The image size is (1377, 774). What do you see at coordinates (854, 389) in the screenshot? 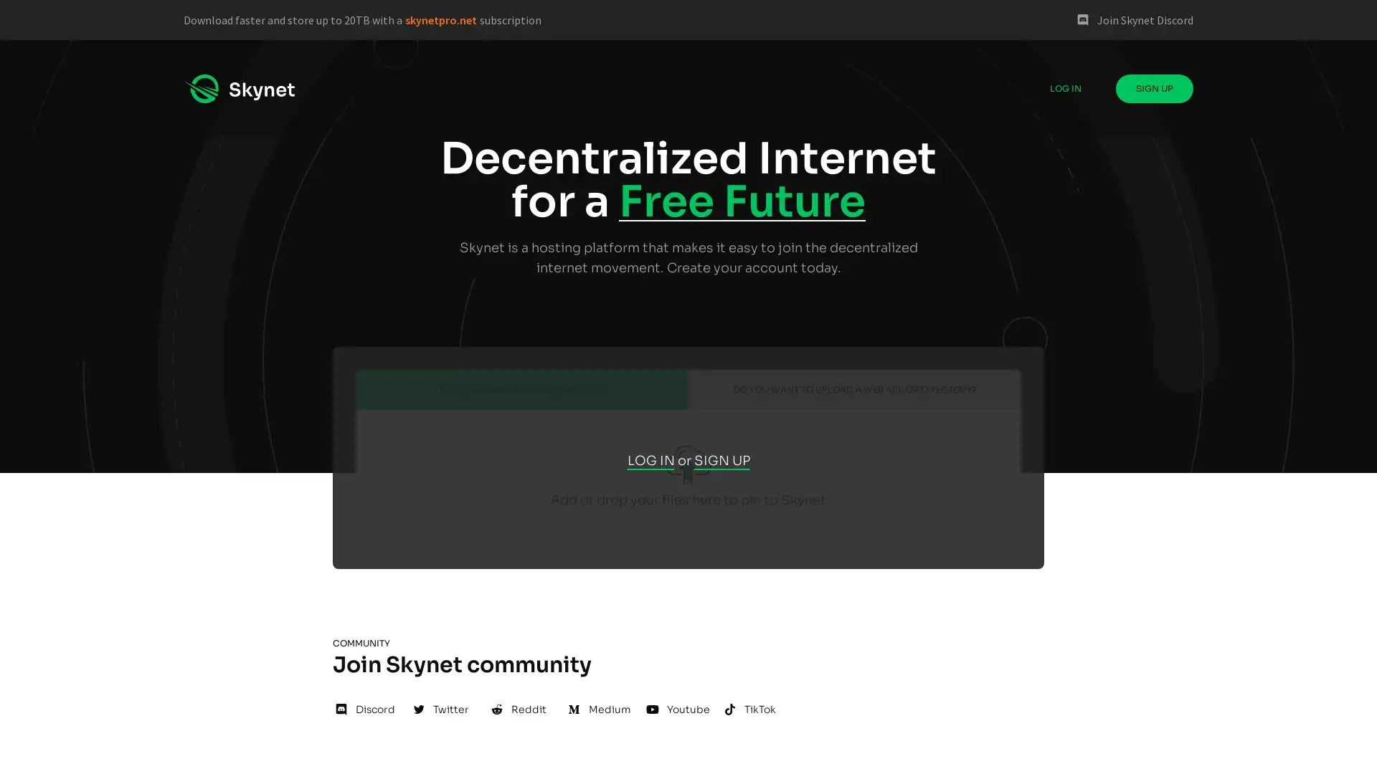
I see `DO YOU WANT TO UPLOAD A WEB APP OR DIRECTORY?` at bounding box center [854, 389].